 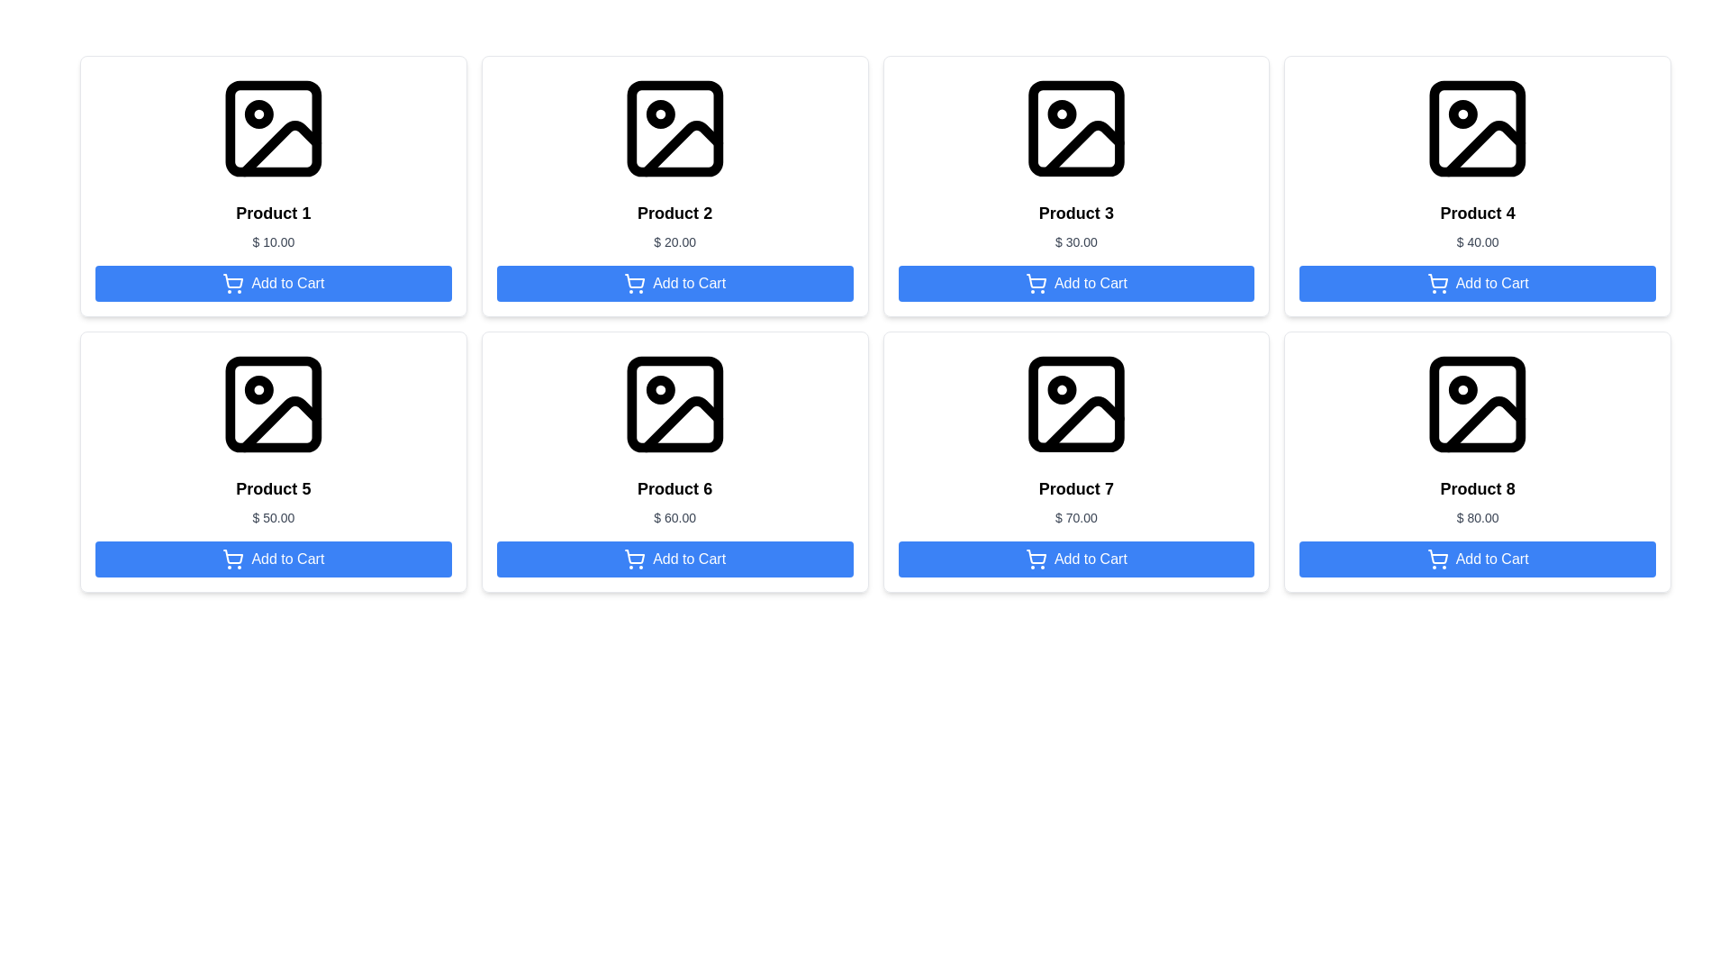 What do you see at coordinates (1036, 284) in the screenshot?
I see `the 'Add to Cart' icon preceding the text within the button of the 'Product 3' card located in the second column of the first row` at bounding box center [1036, 284].